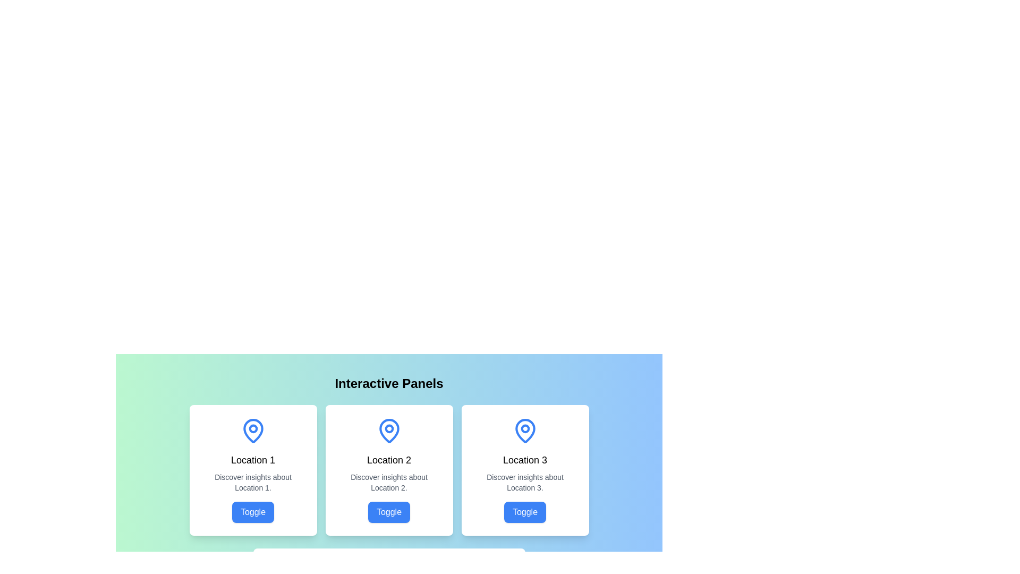 This screenshot has height=574, width=1020. Describe the element at coordinates (252, 460) in the screenshot. I see `static text label that serves as the title for the first panel in the card-like structure` at that location.